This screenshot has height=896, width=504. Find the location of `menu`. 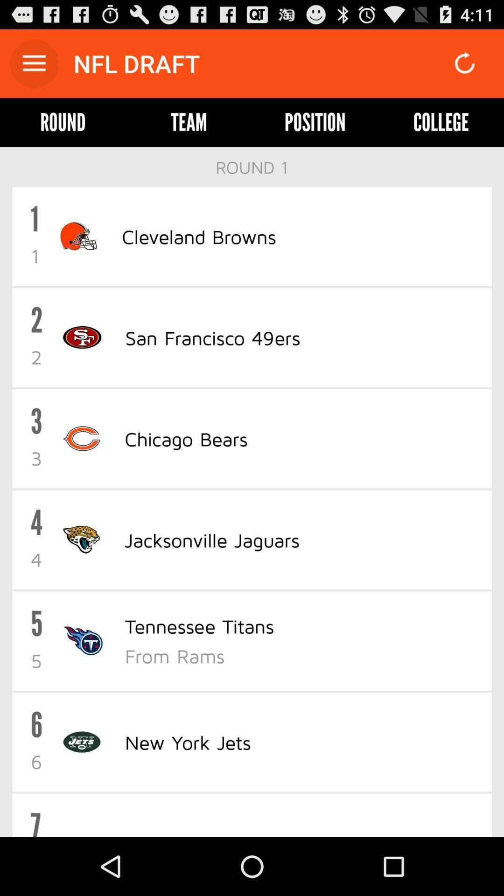

menu is located at coordinates (34, 63).